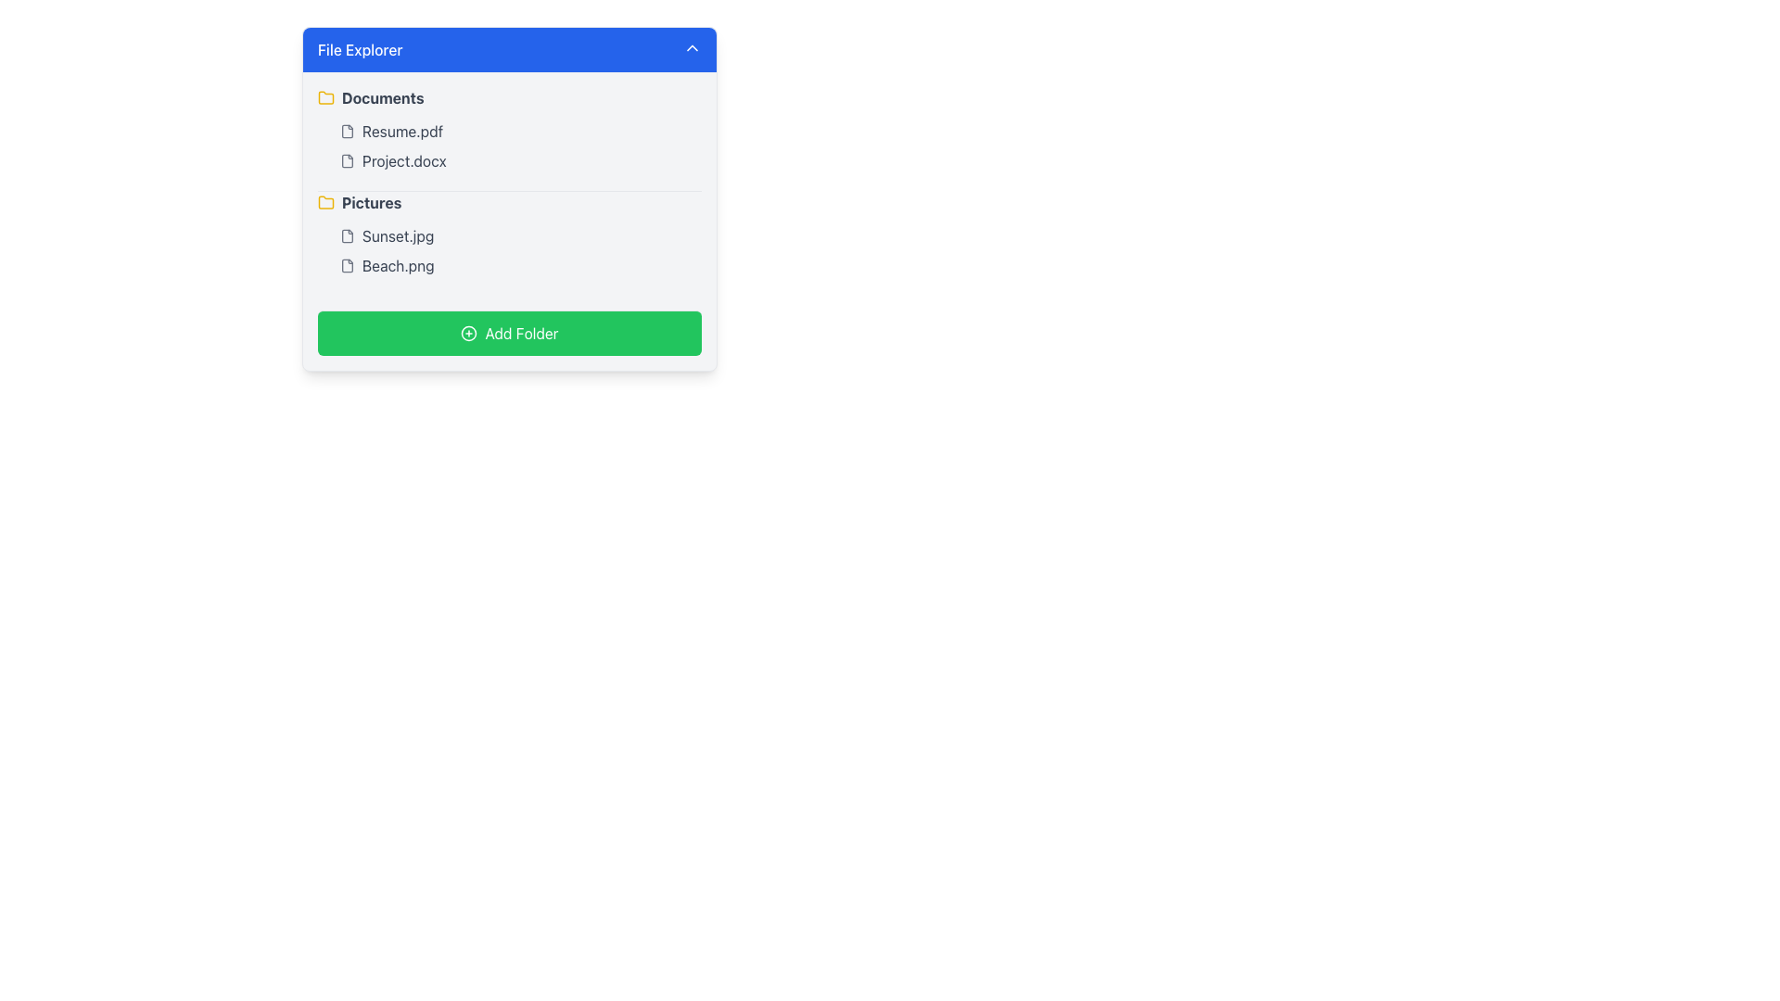 This screenshot has height=1001, width=1780. What do you see at coordinates (347, 265) in the screenshot?
I see `the inactive document sheet outline icon located to the left of the text 'Beach.png' in the 'Pictures' section of the 'File Explorer'` at bounding box center [347, 265].